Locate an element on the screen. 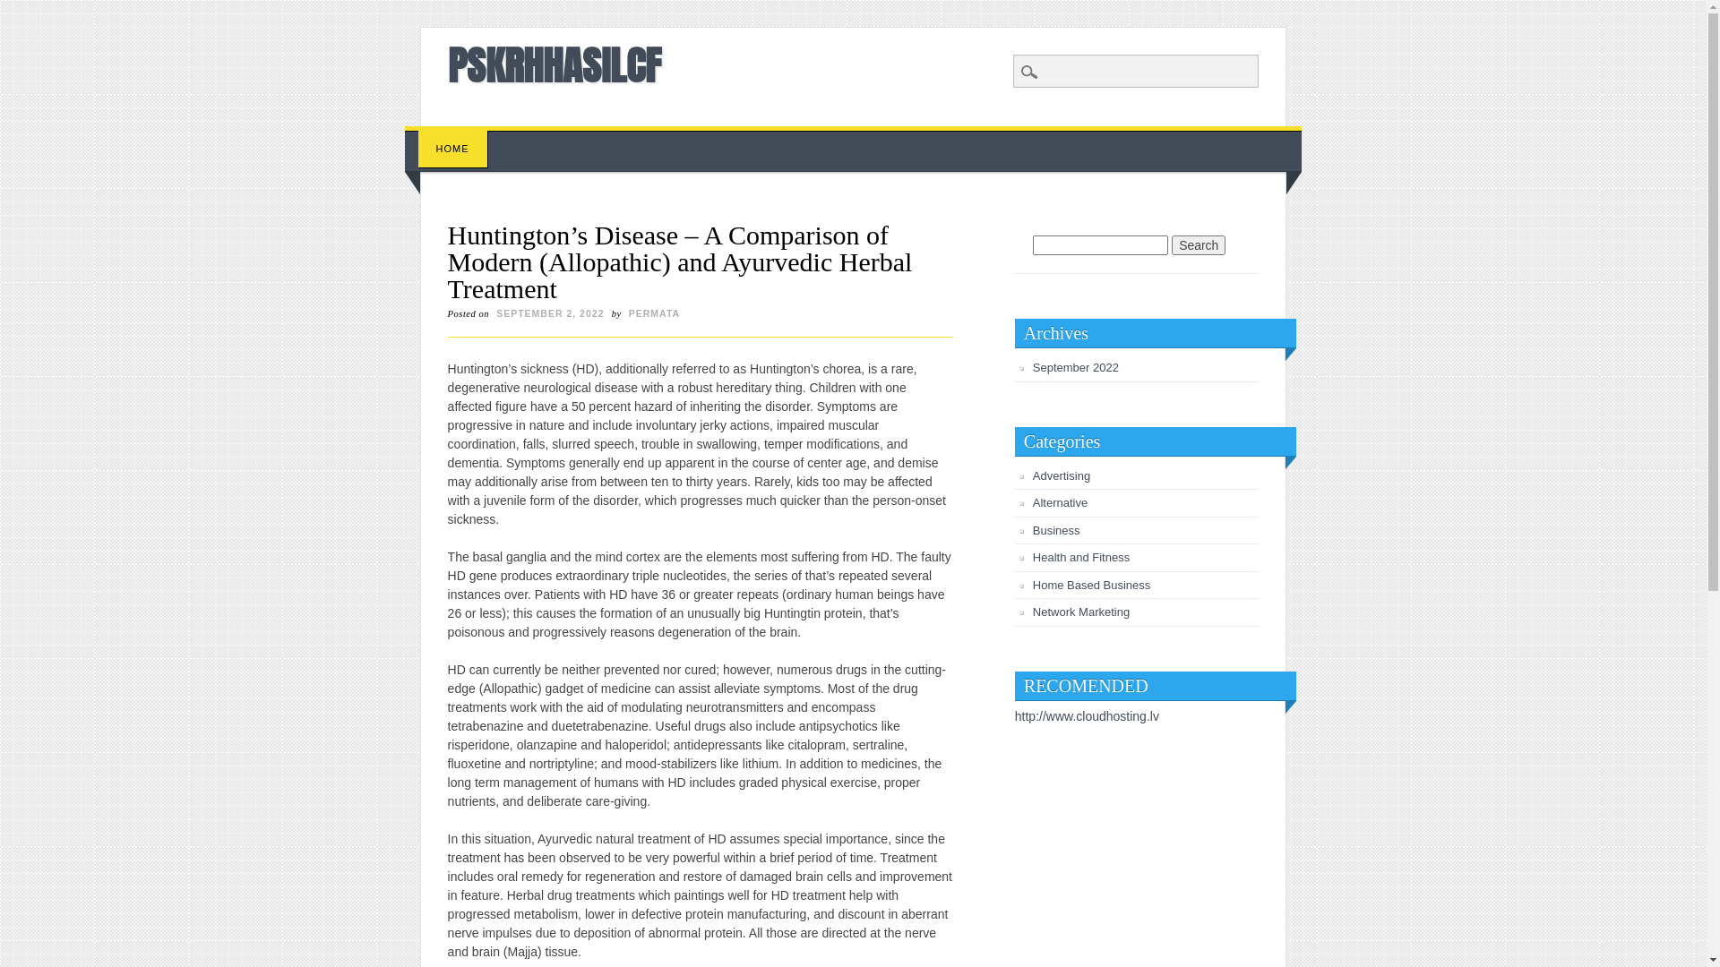 This screenshot has height=967, width=1720. 'Health and Fitness' is located at coordinates (1079, 556).